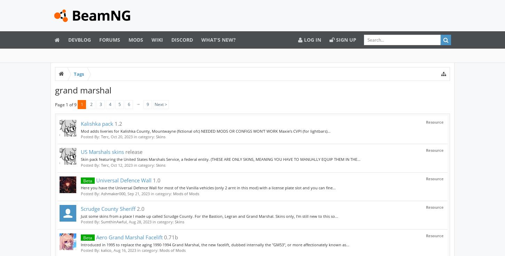  I want to click on 'Oct 12, 2023', so click(122, 165).